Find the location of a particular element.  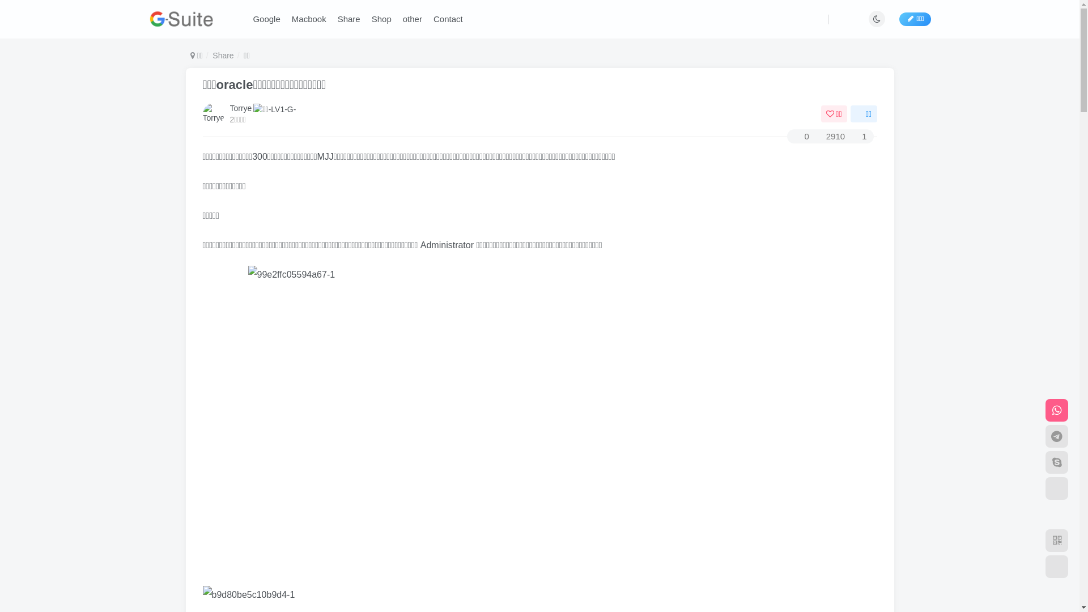

'whatsapp' is located at coordinates (1056, 410).